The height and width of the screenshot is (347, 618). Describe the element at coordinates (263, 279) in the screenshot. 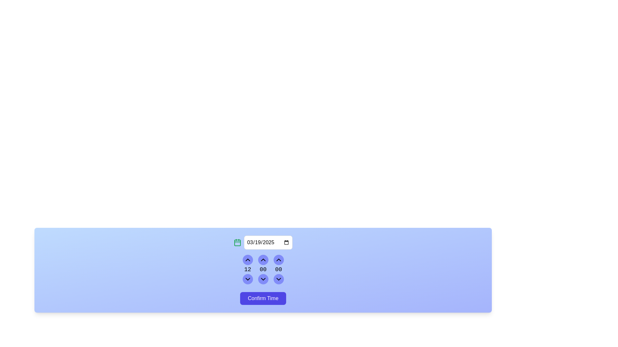

I see `the Icon Button that decreases the numeric input for minutes in the time picker interface, located at the bottom of the rightmost column` at that location.